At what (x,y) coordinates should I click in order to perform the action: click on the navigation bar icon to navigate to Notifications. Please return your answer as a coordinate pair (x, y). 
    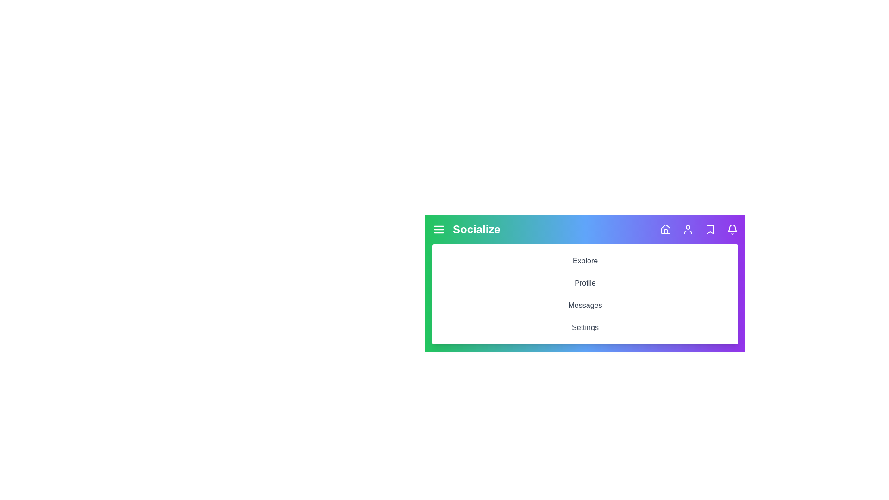
    Looking at the image, I should click on (732, 229).